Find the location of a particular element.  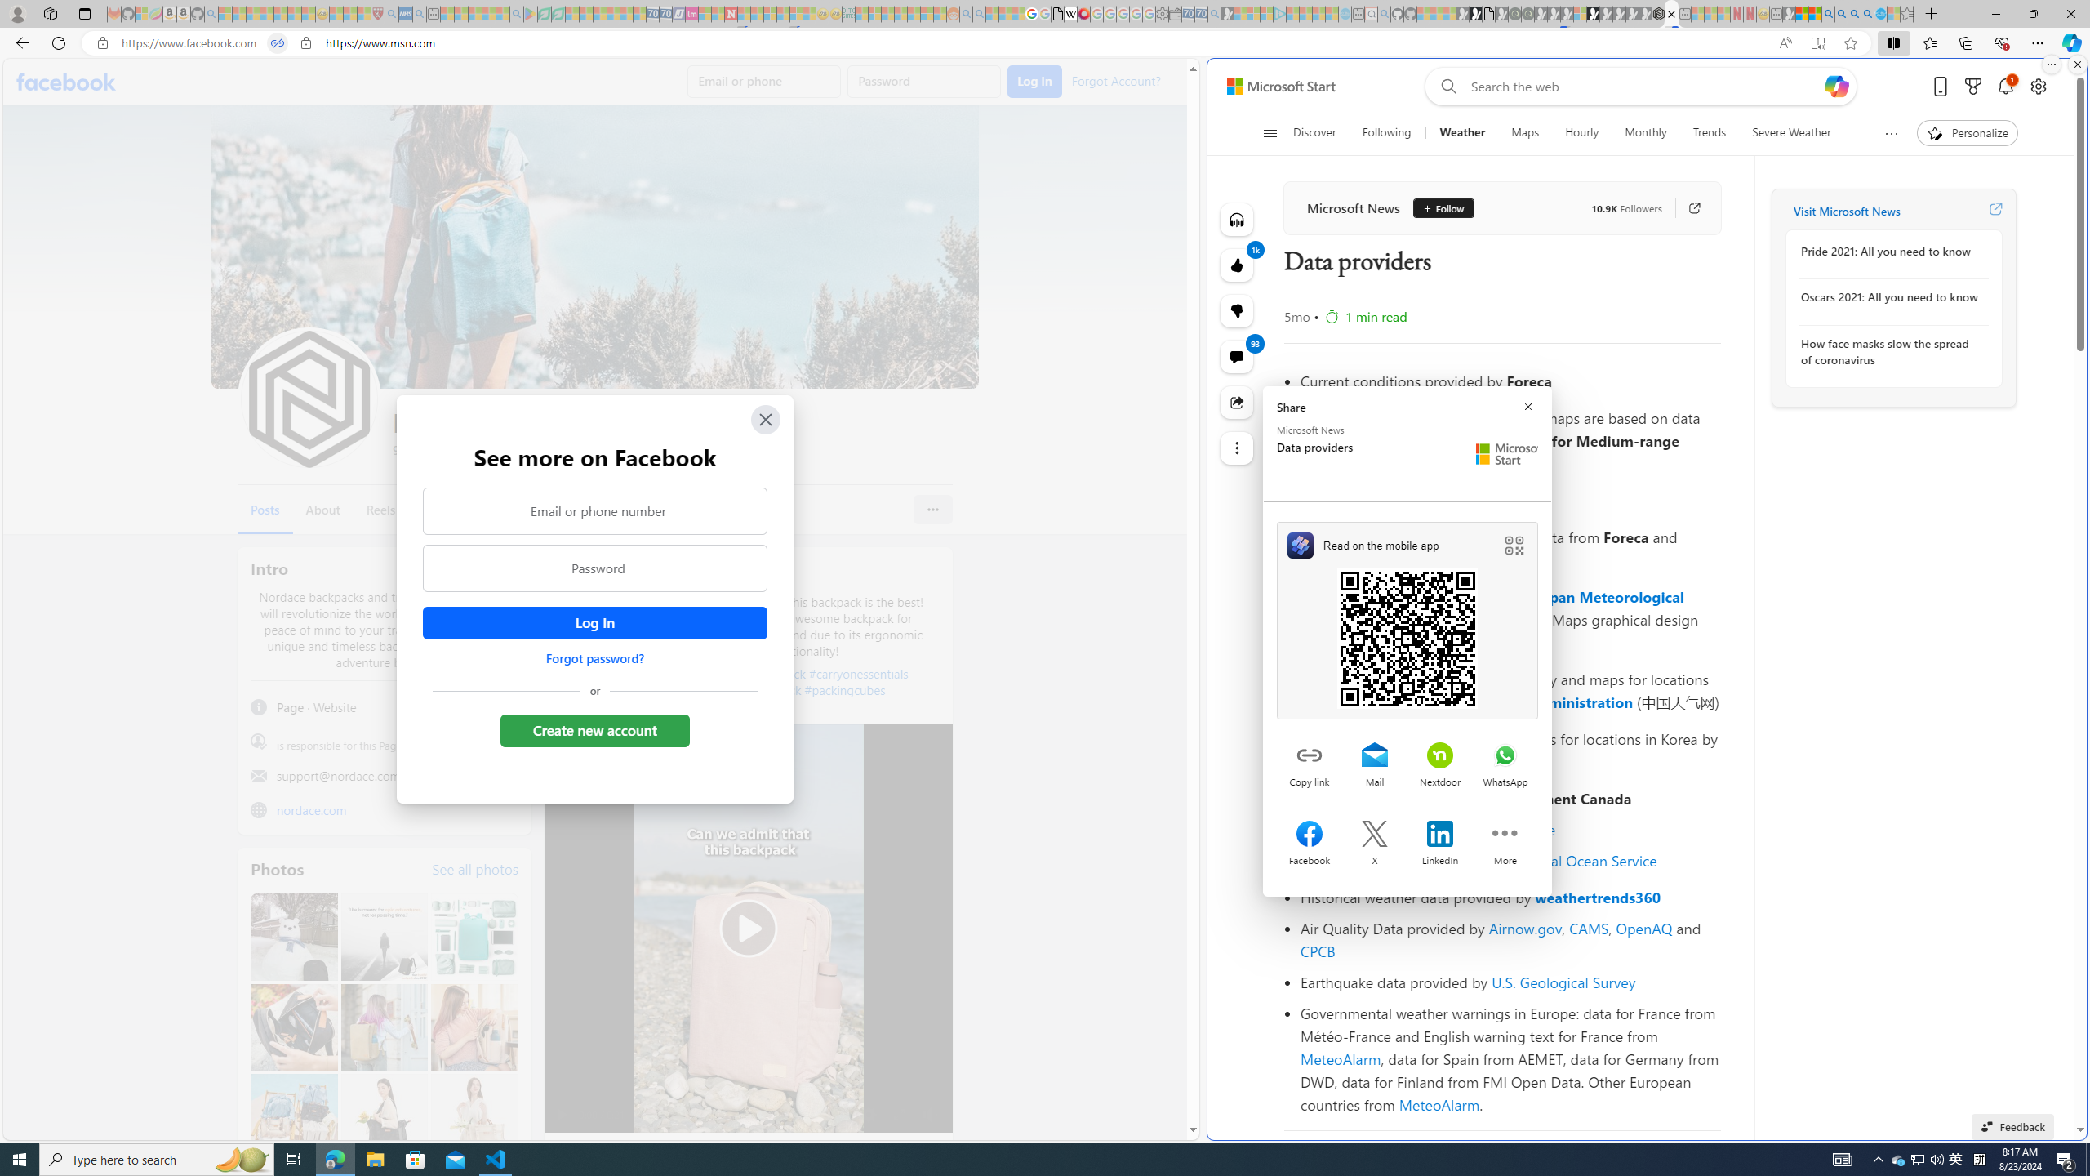

'Monthly' is located at coordinates (1645, 132).